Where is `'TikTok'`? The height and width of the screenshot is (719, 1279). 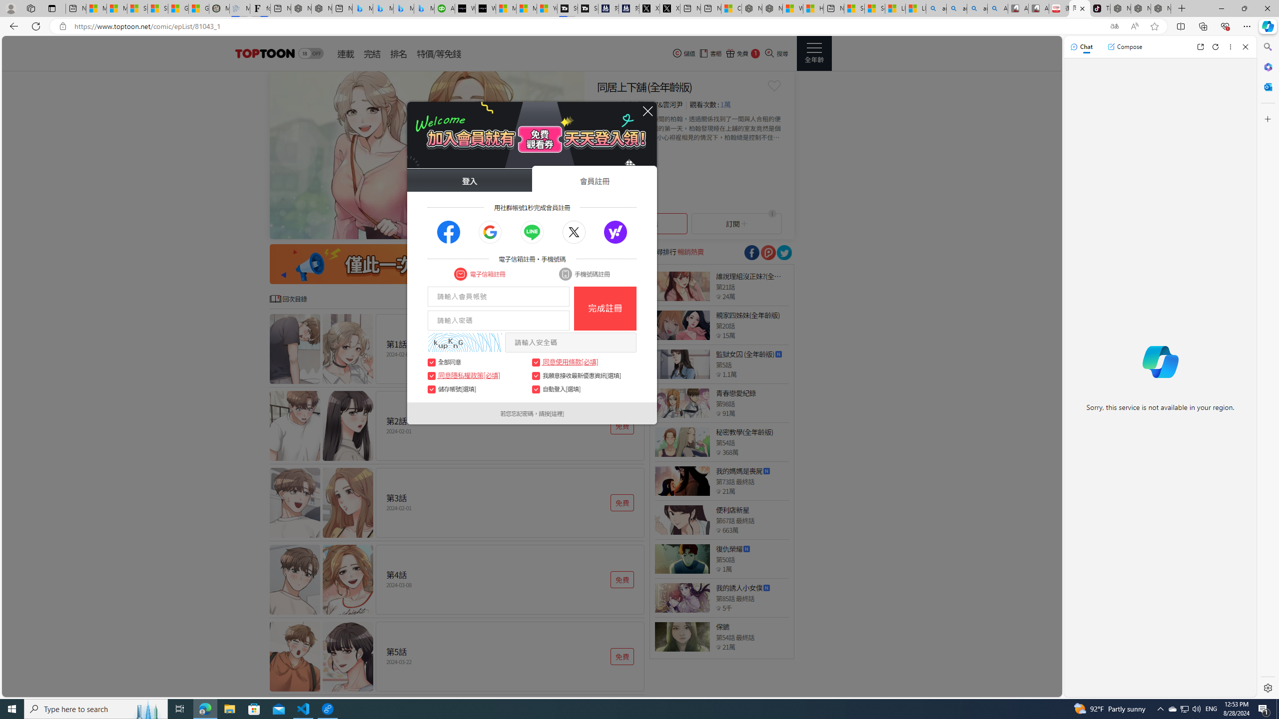 'TikTok' is located at coordinates (1100, 8).